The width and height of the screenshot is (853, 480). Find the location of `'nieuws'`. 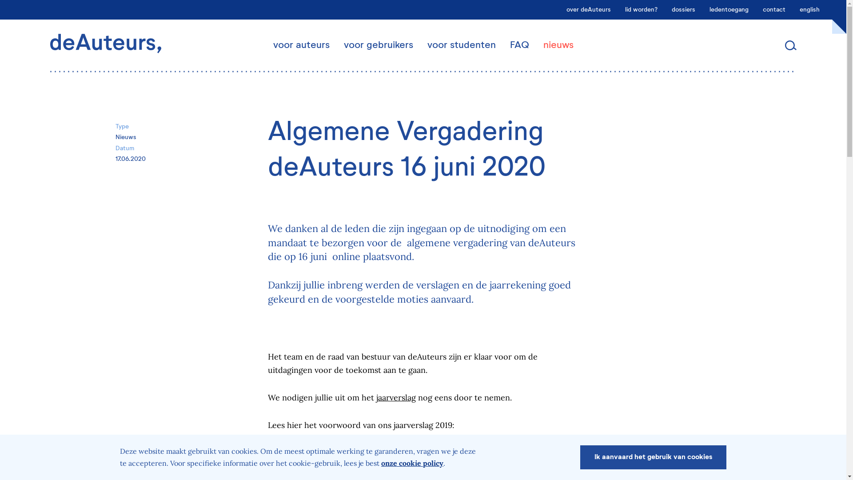

'nieuws' is located at coordinates (558, 45).